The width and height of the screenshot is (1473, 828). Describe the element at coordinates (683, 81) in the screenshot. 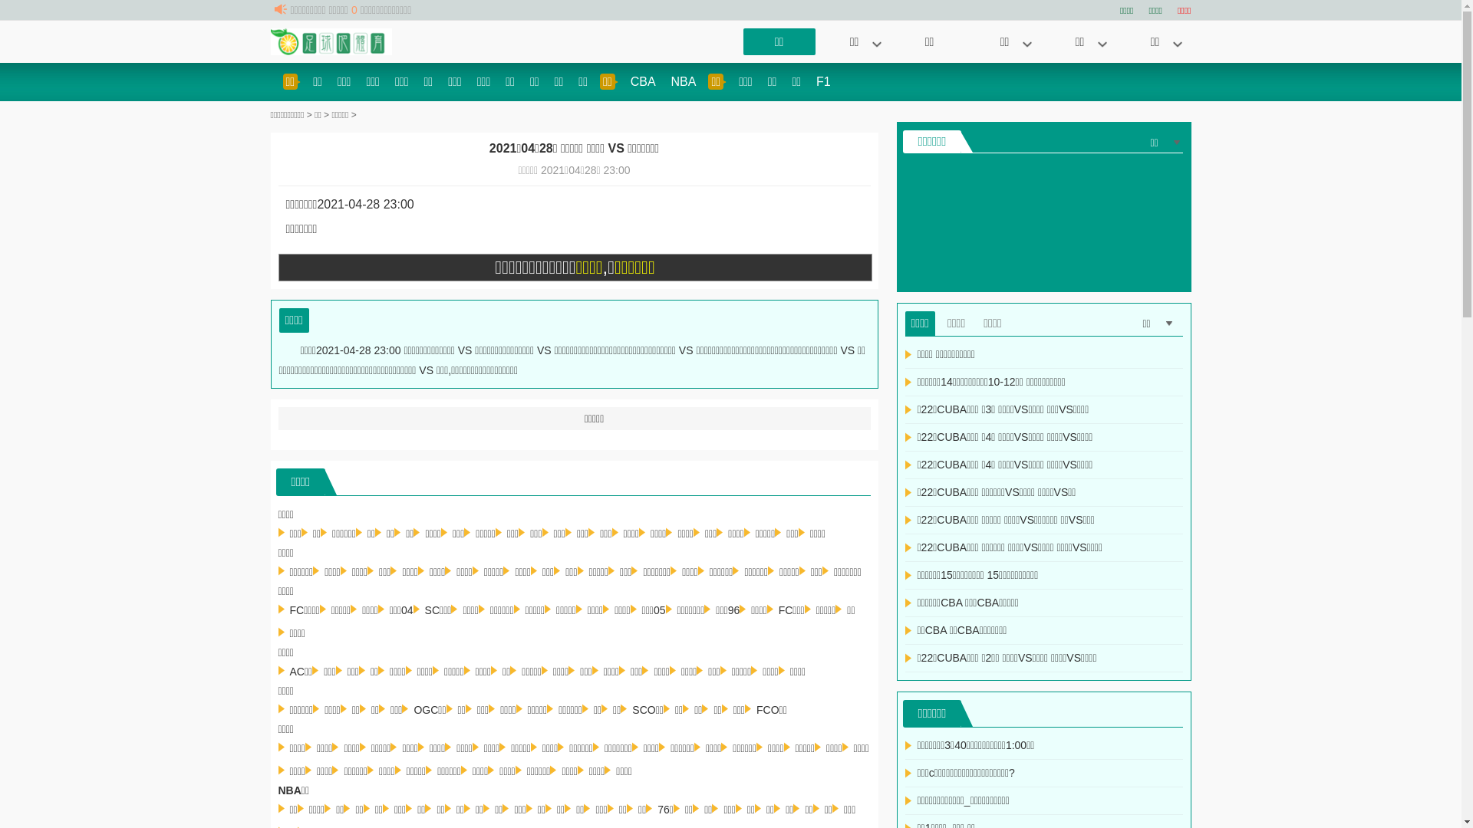

I see `'NBA'` at that location.